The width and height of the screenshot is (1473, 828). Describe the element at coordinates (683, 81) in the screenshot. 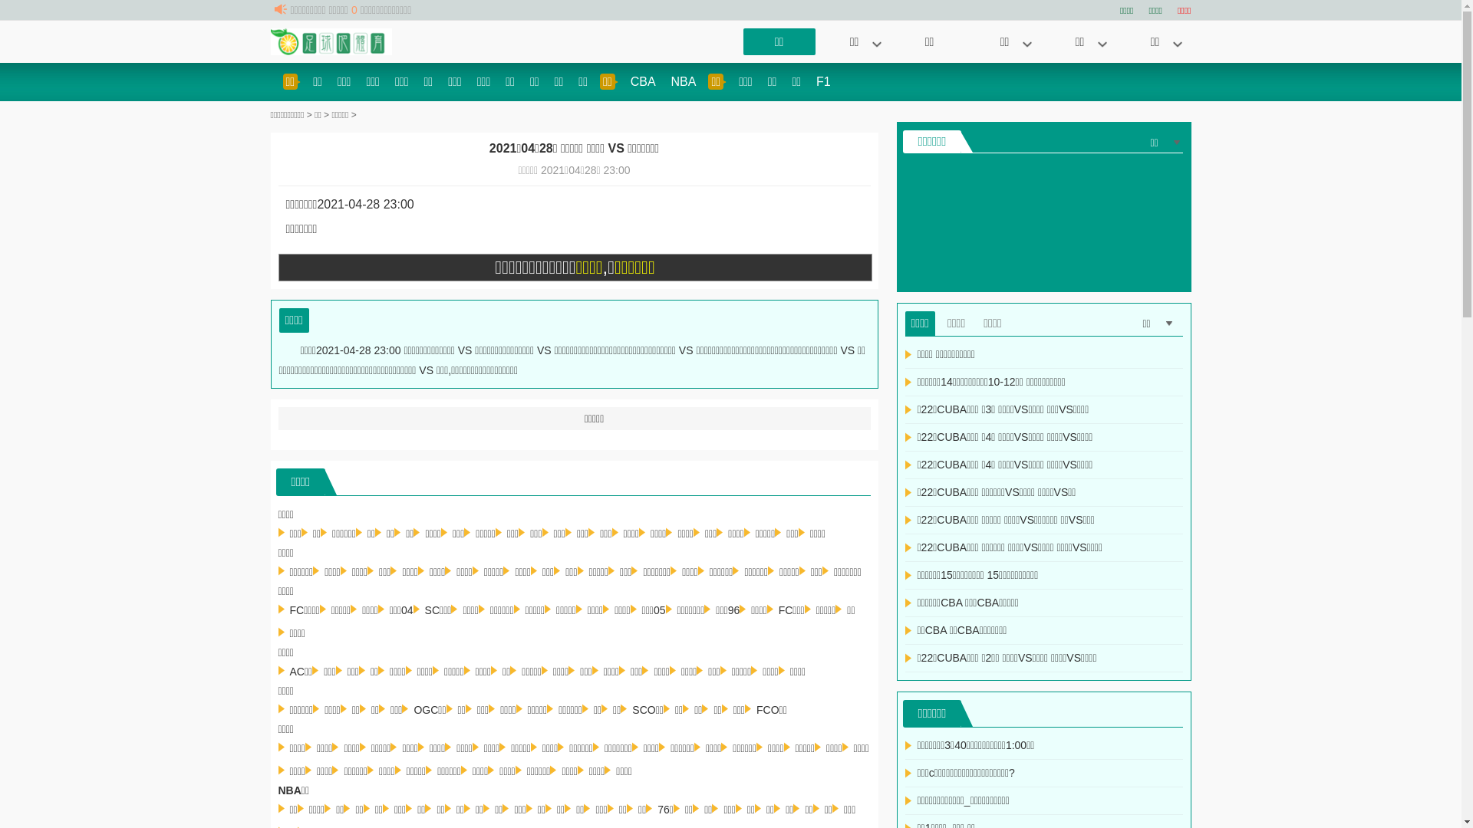

I see `'NBA'` at that location.